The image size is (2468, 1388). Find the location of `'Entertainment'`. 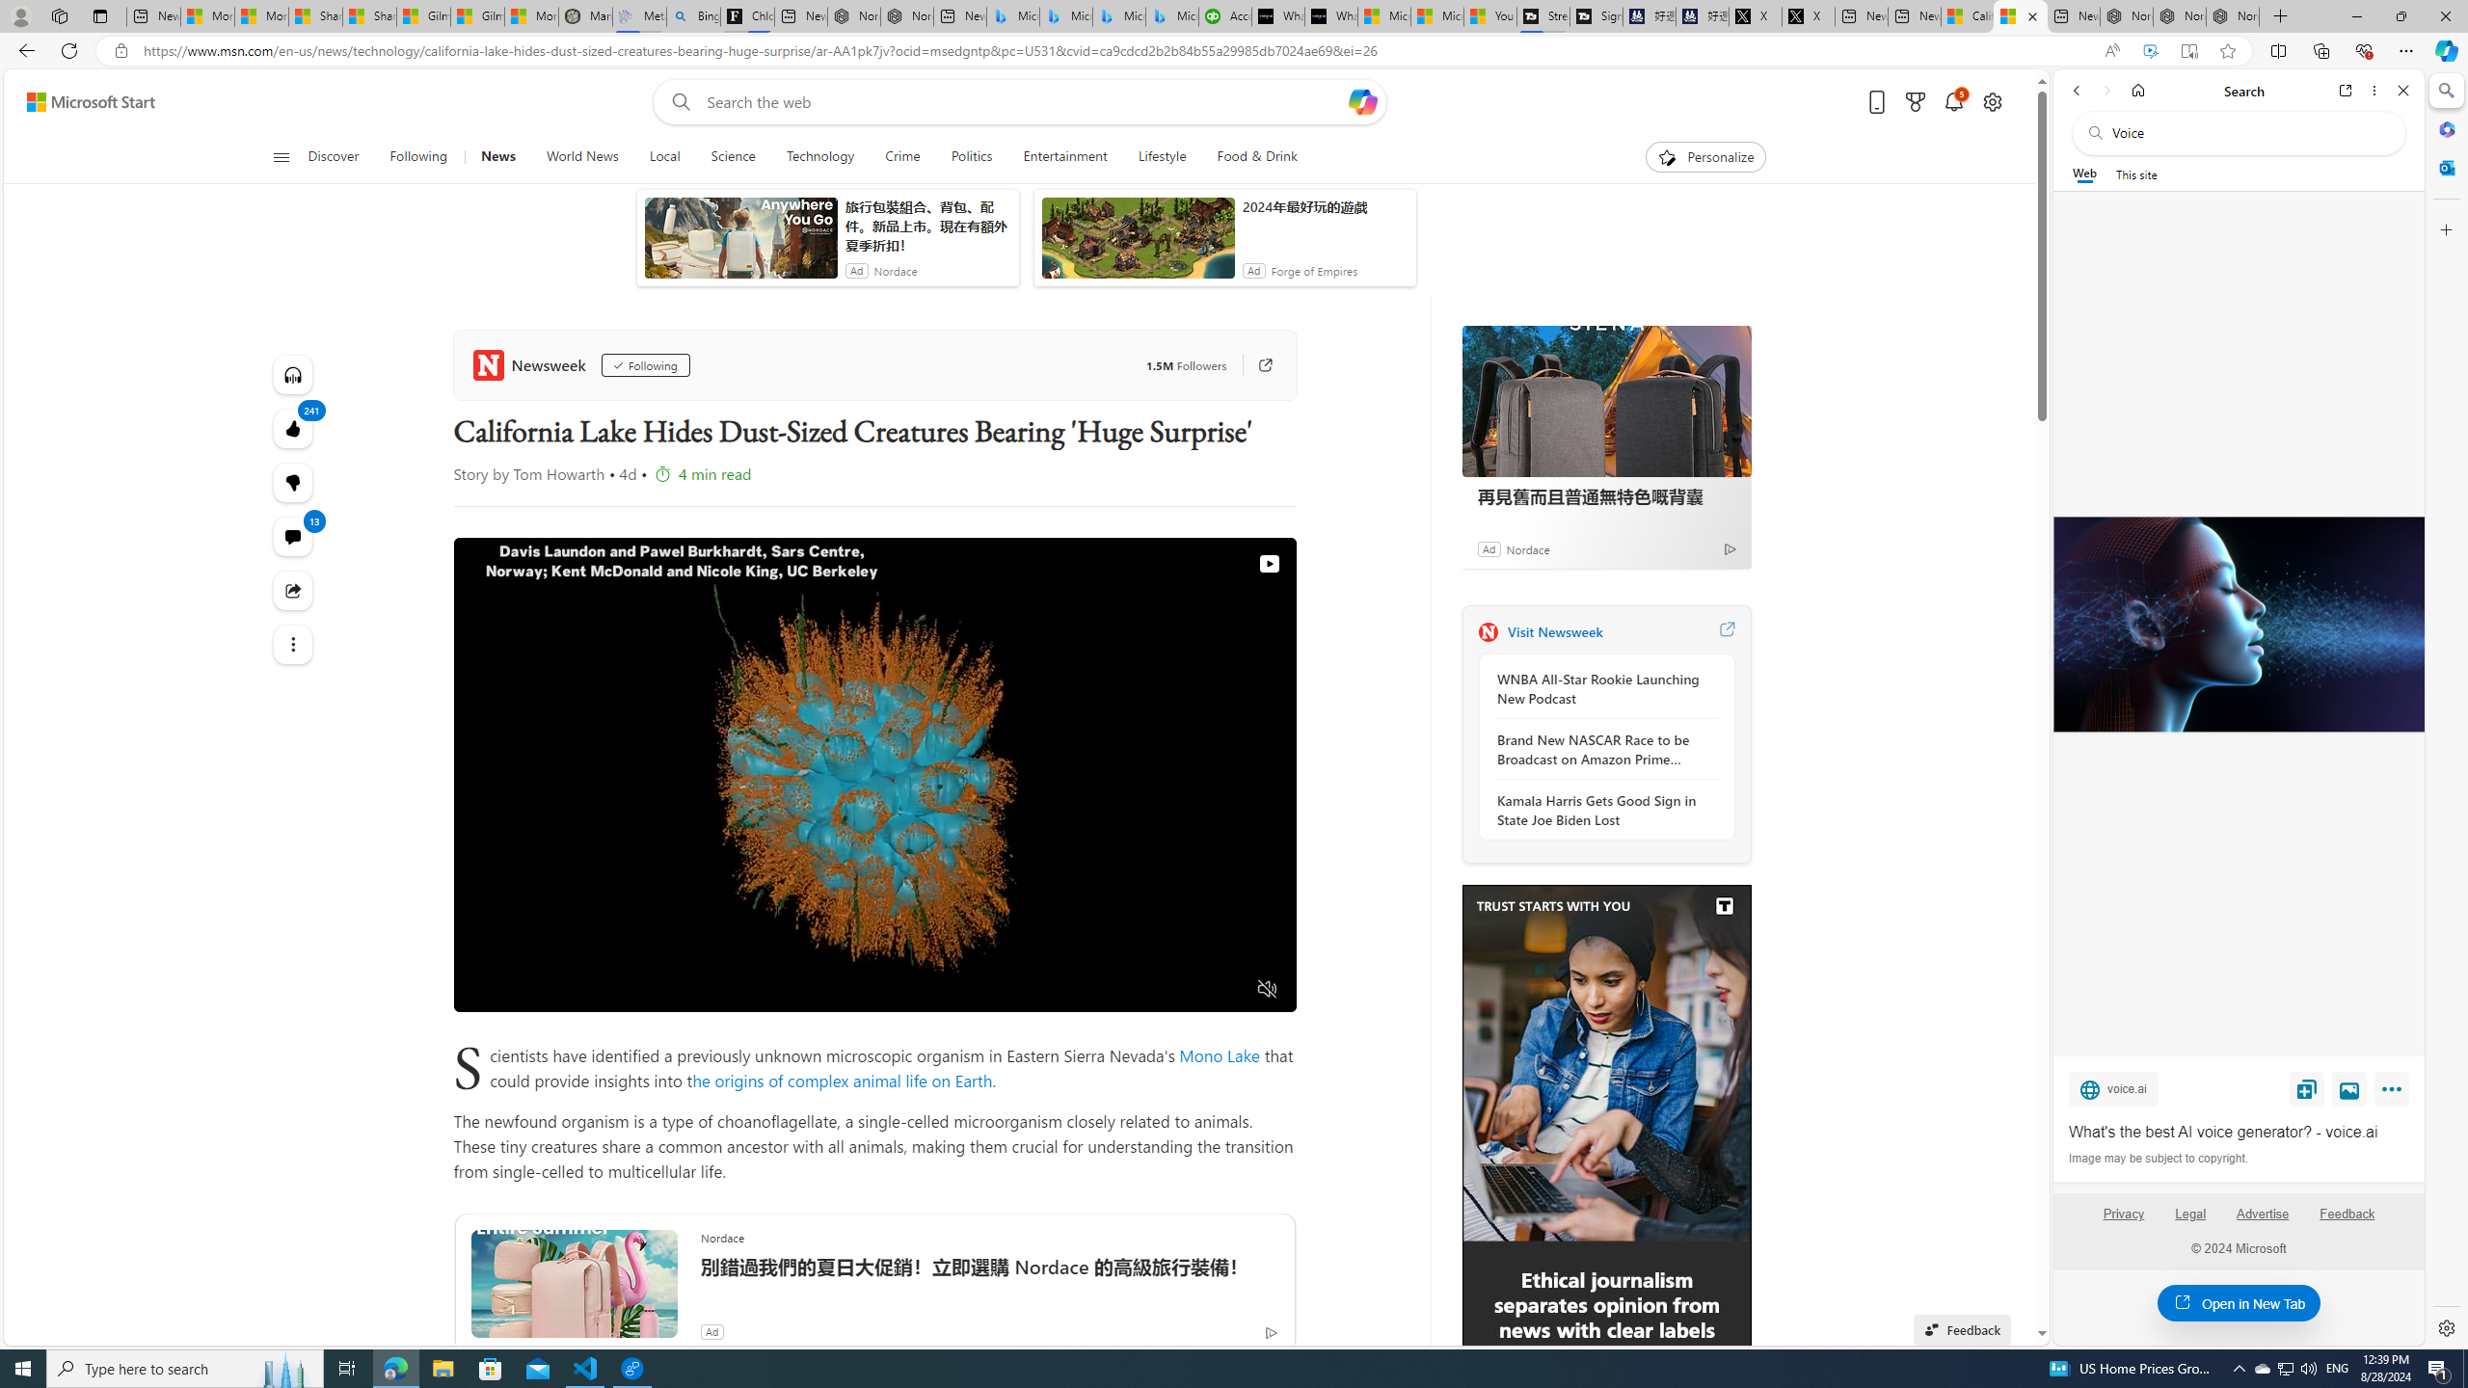

'Entertainment' is located at coordinates (1064, 156).